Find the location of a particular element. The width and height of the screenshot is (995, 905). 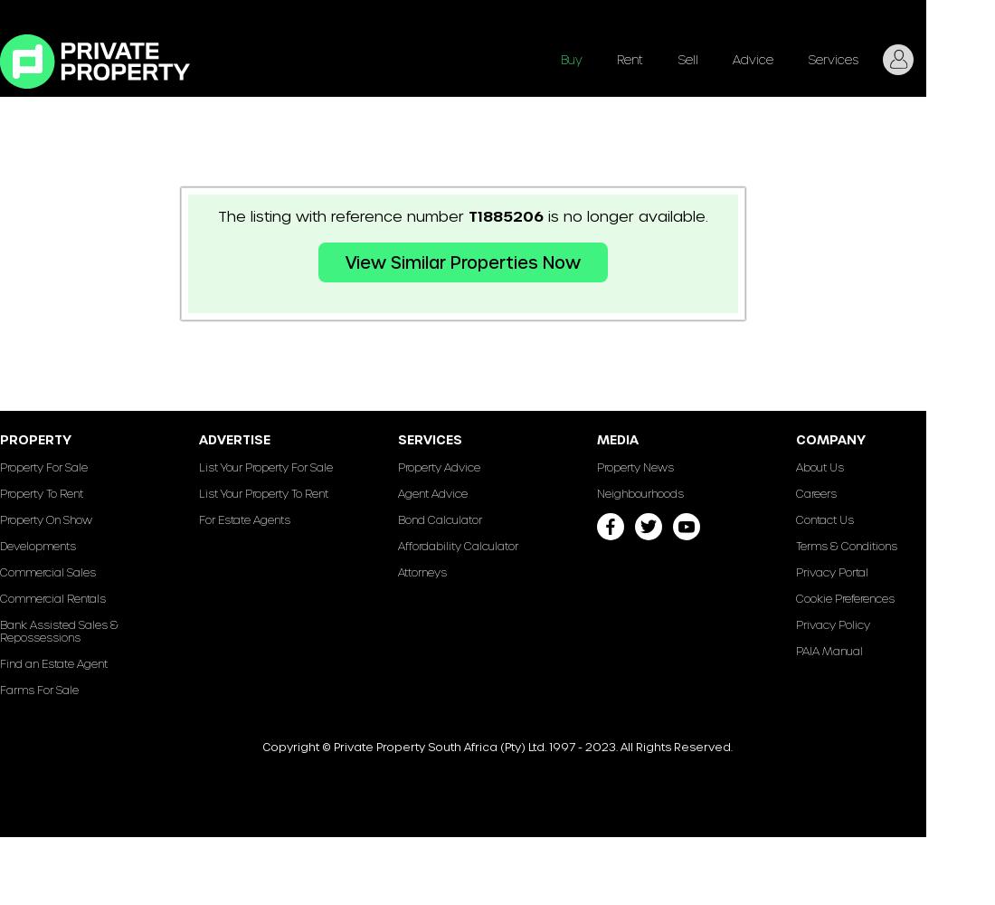

'Farms For Sale' is located at coordinates (38, 690).